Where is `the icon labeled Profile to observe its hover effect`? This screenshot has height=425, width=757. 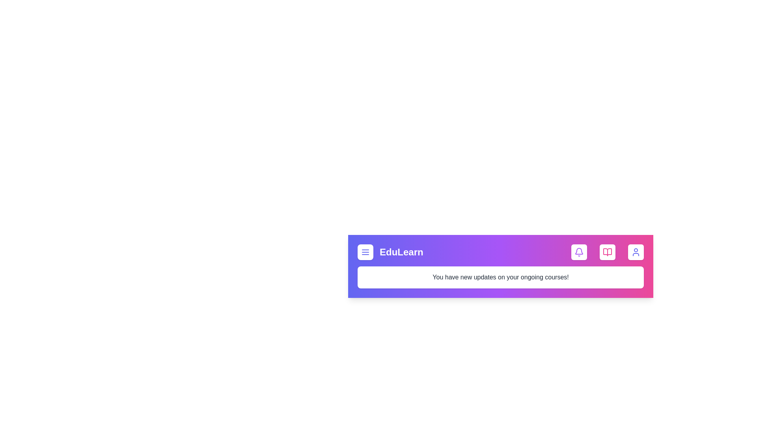
the icon labeled Profile to observe its hover effect is located at coordinates (636, 252).